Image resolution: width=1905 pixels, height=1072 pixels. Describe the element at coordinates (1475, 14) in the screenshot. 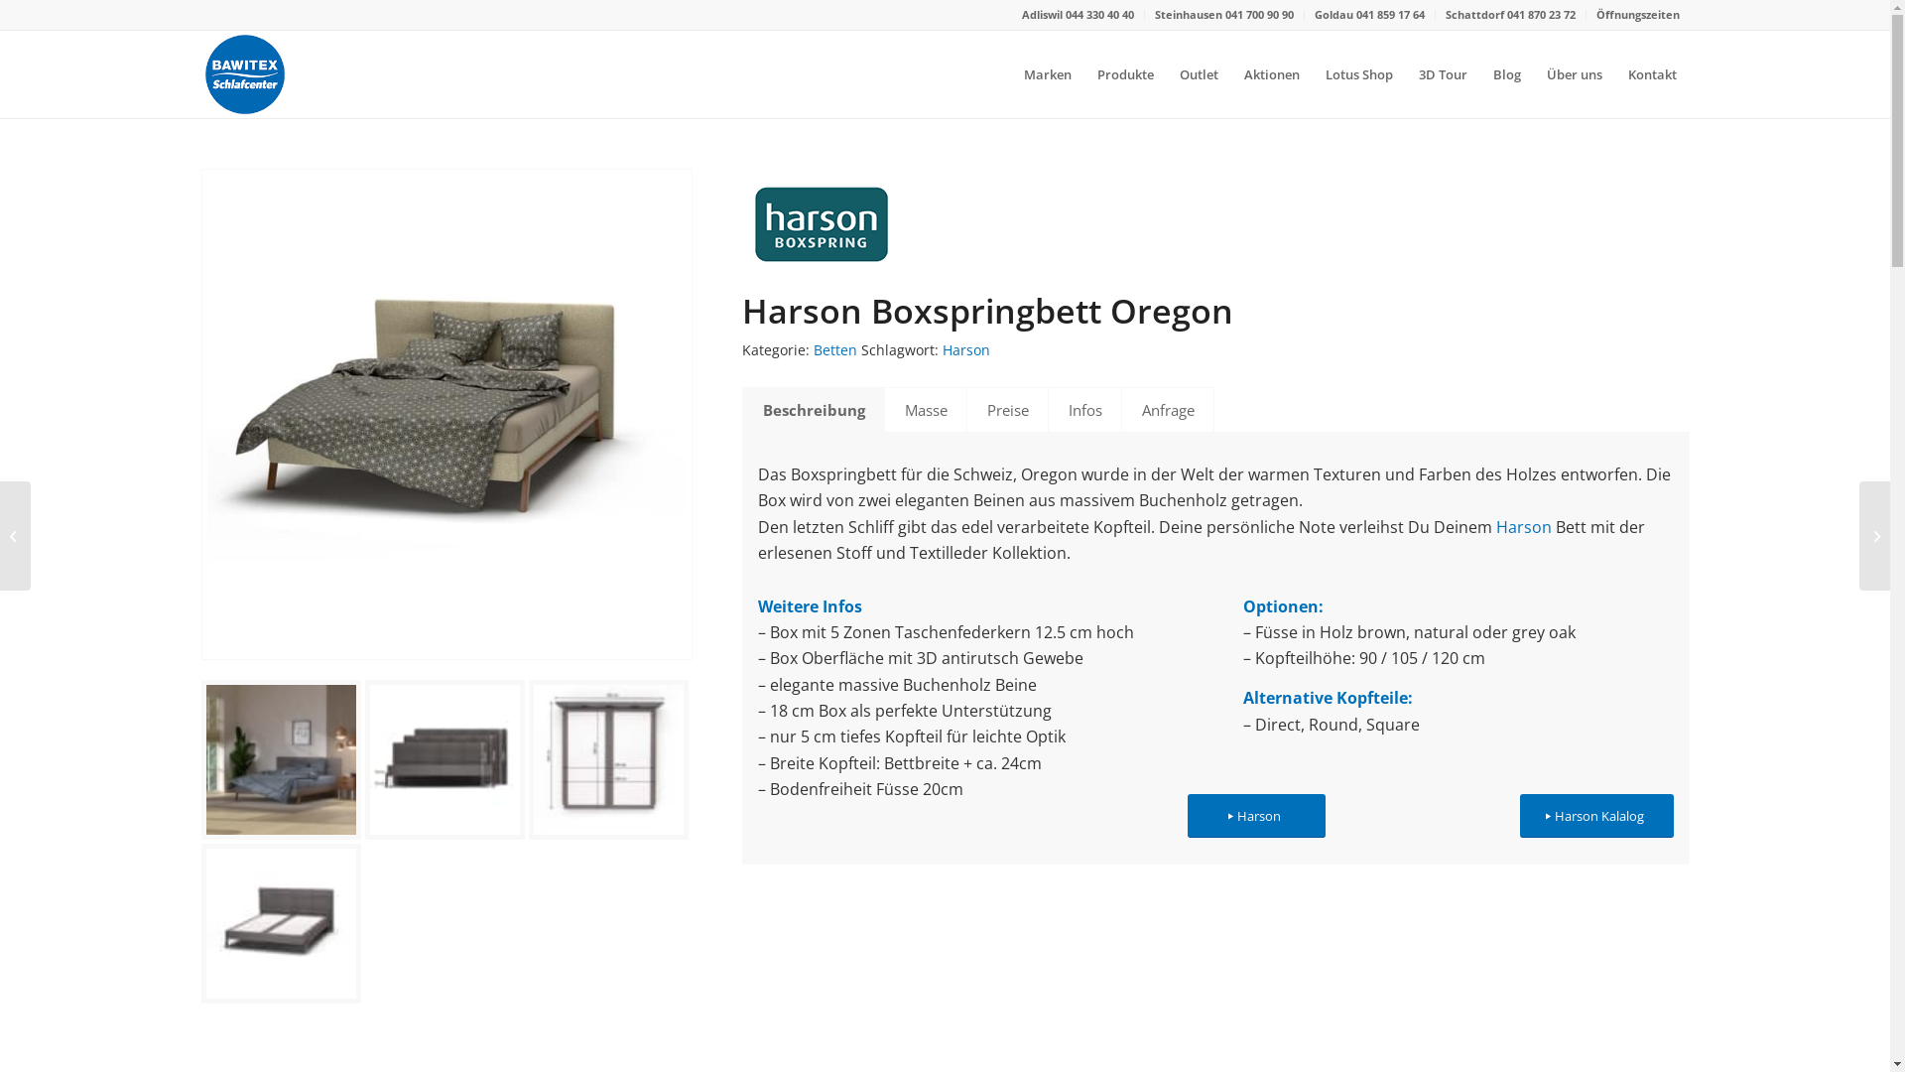

I see `'Schattdorf'` at that location.